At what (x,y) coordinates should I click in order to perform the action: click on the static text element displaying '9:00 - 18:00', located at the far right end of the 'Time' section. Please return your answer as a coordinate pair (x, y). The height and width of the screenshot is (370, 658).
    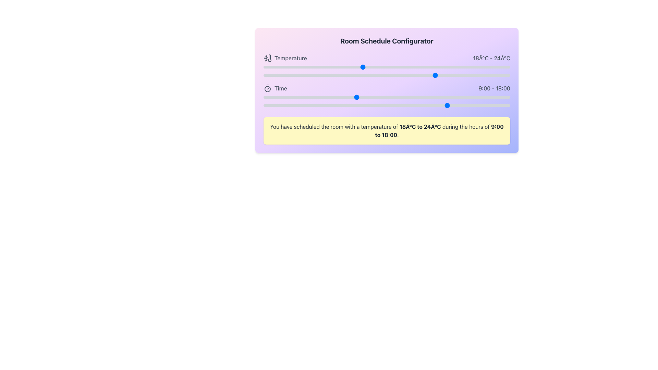
    Looking at the image, I should click on (494, 88).